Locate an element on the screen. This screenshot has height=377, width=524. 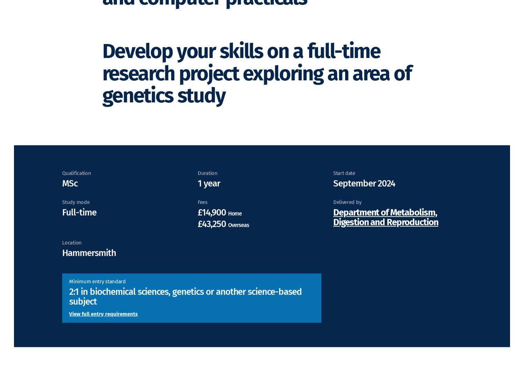
'Delivered by' is located at coordinates (347, 212).